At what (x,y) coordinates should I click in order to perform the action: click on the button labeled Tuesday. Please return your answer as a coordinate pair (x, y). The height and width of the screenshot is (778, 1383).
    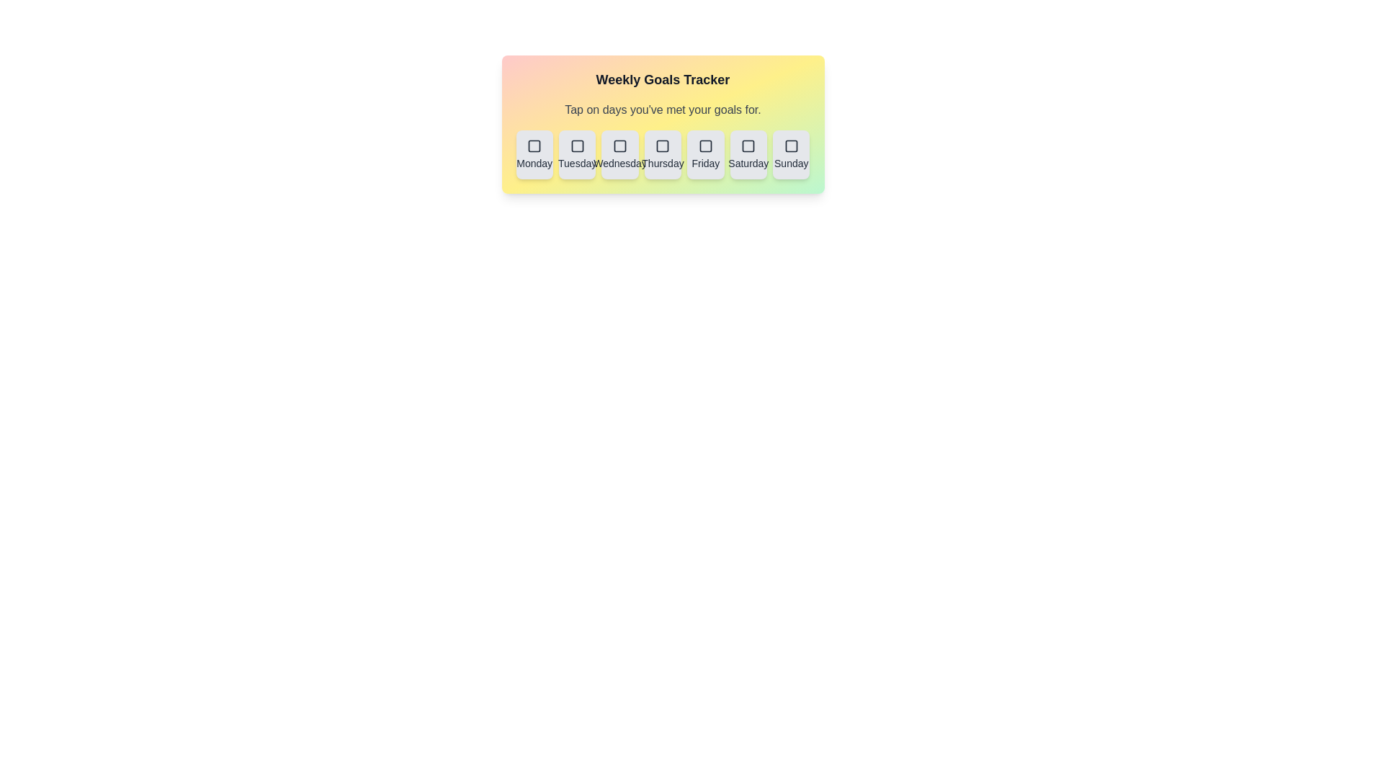
    Looking at the image, I should click on (577, 155).